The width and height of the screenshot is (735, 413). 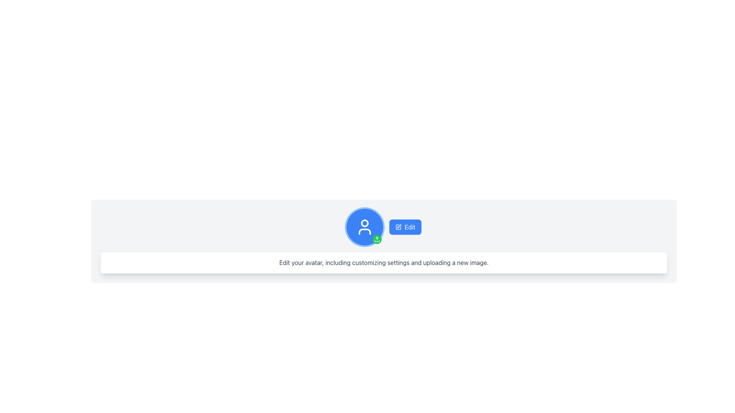 I want to click on the upload button represented by a green circular background with a white outline, located at the bottom right corner of a blue circular panel, so click(x=377, y=239).